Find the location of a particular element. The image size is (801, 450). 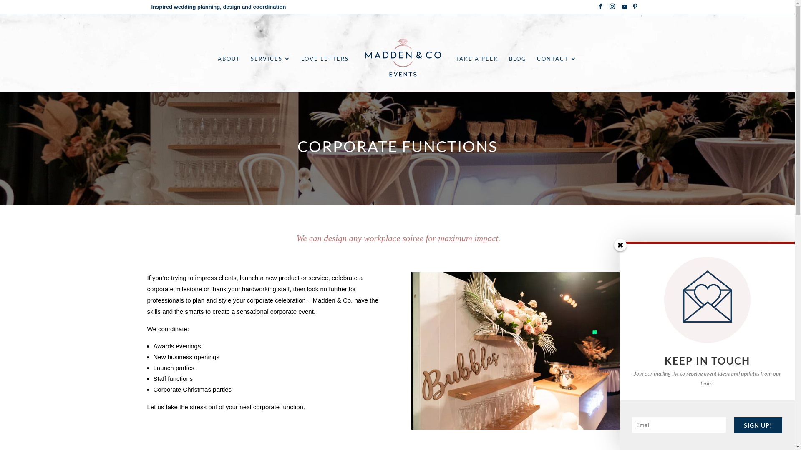

'LOVE LETTERS' is located at coordinates (324, 73).